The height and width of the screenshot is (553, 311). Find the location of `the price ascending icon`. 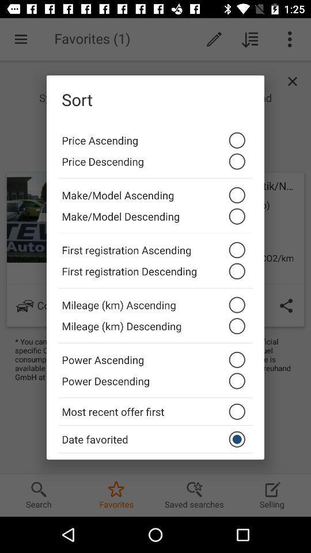

the price ascending icon is located at coordinates (155, 137).